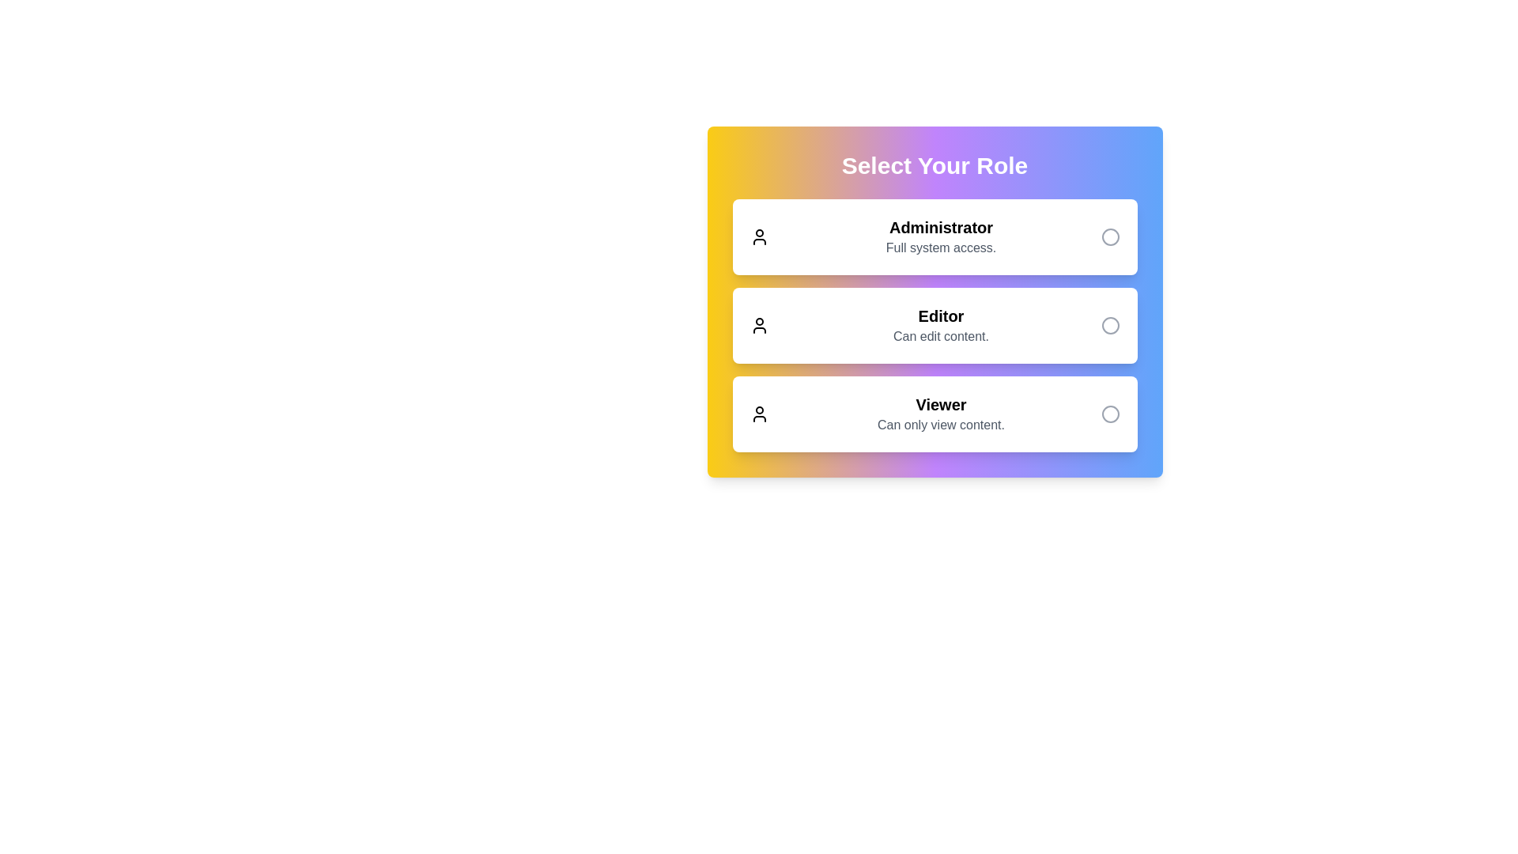 Image resolution: width=1518 pixels, height=854 pixels. What do you see at coordinates (1109, 237) in the screenshot?
I see `the inner circle of the radio button for the 'Administrator' option` at bounding box center [1109, 237].